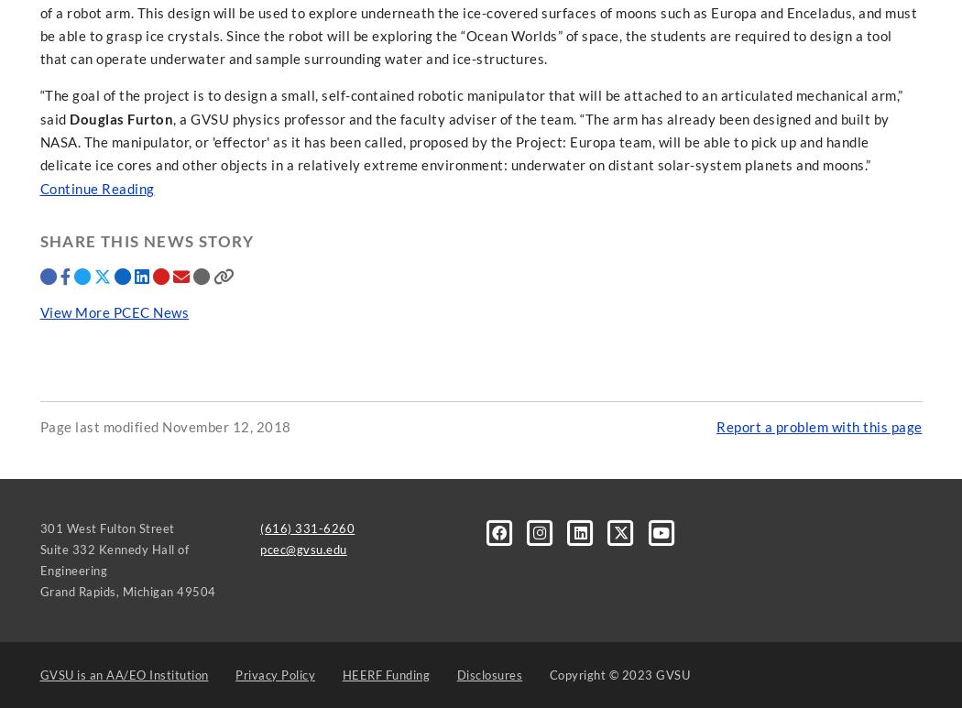 This screenshot has width=962, height=708. I want to click on 'Share this news story', so click(38, 239).